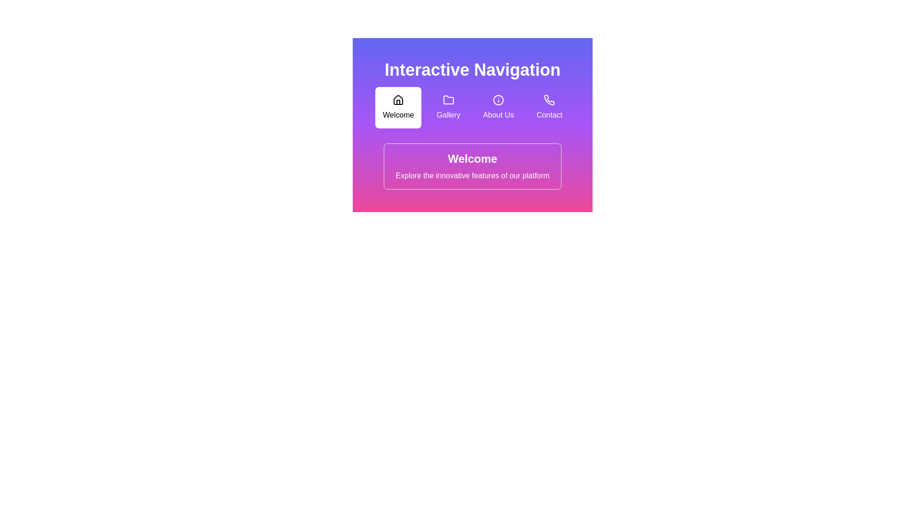 The width and height of the screenshot is (903, 508). What do you see at coordinates (472, 138) in the screenshot?
I see `text content of the introductory Text block located below the navigation links on the platform` at bounding box center [472, 138].